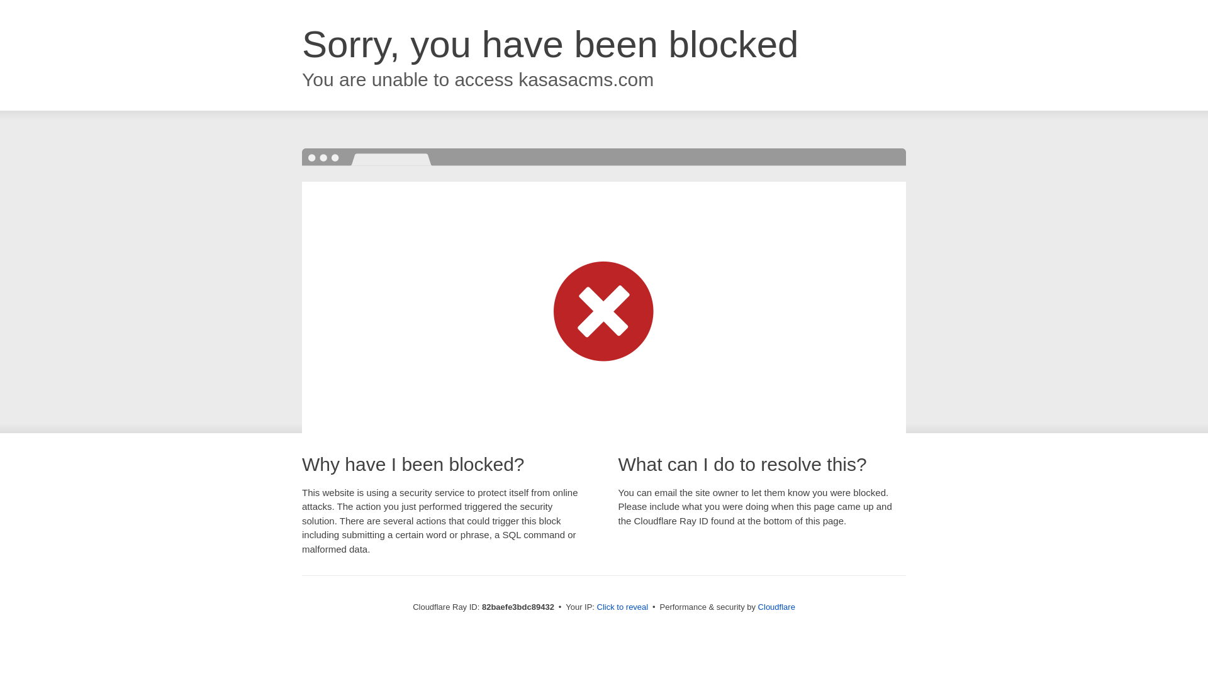 This screenshot has width=1208, height=679. What do you see at coordinates (757, 606) in the screenshot?
I see `'Cloudflare'` at bounding box center [757, 606].